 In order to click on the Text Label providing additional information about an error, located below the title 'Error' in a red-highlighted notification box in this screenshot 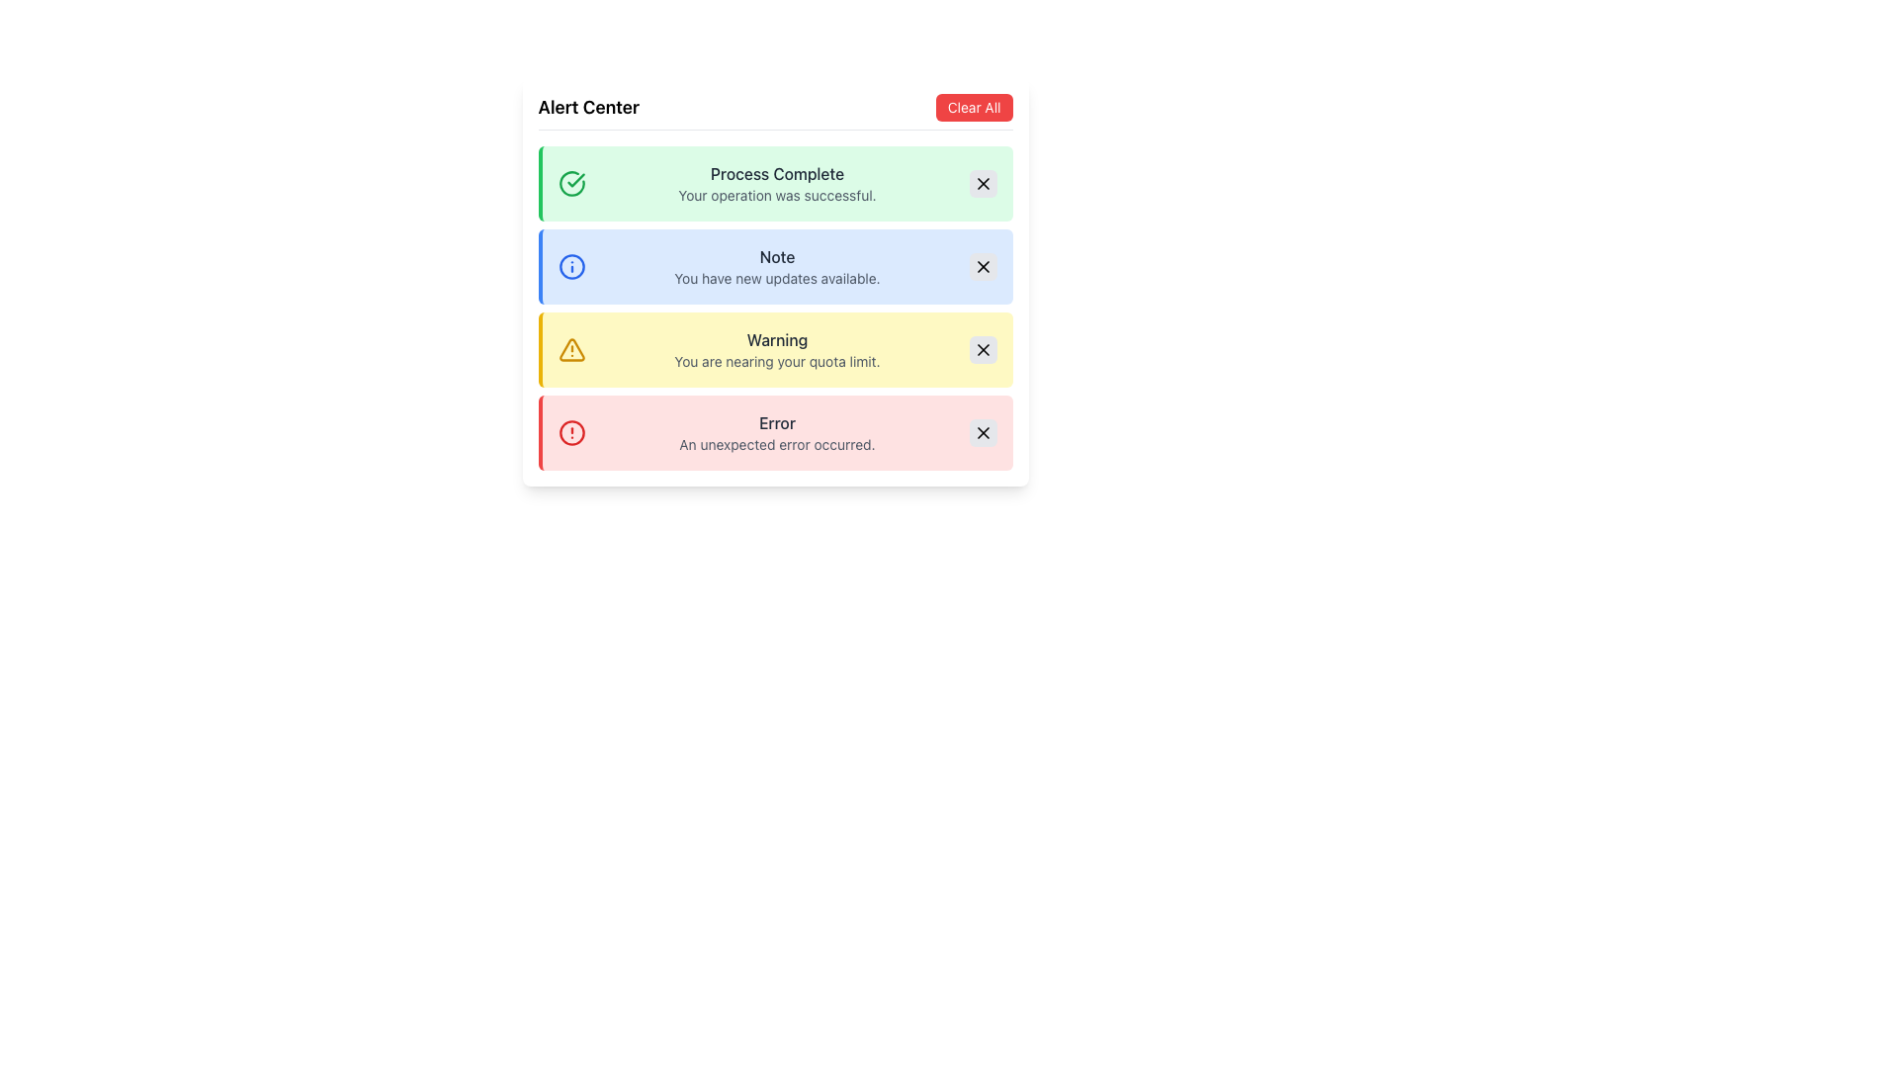, I will do `click(776, 445)`.